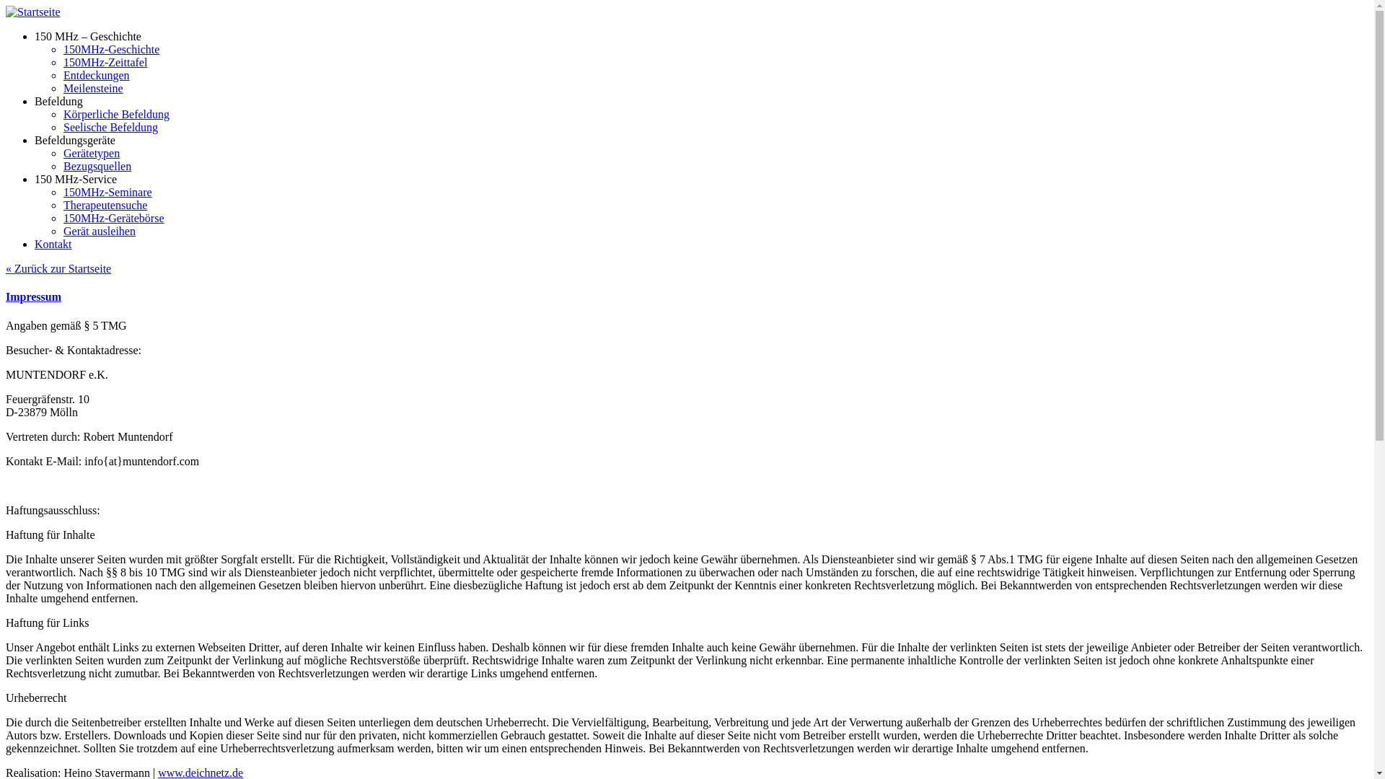  Describe the element at coordinates (104, 205) in the screenshot. I see `'Therapeutensuche'` at that location.